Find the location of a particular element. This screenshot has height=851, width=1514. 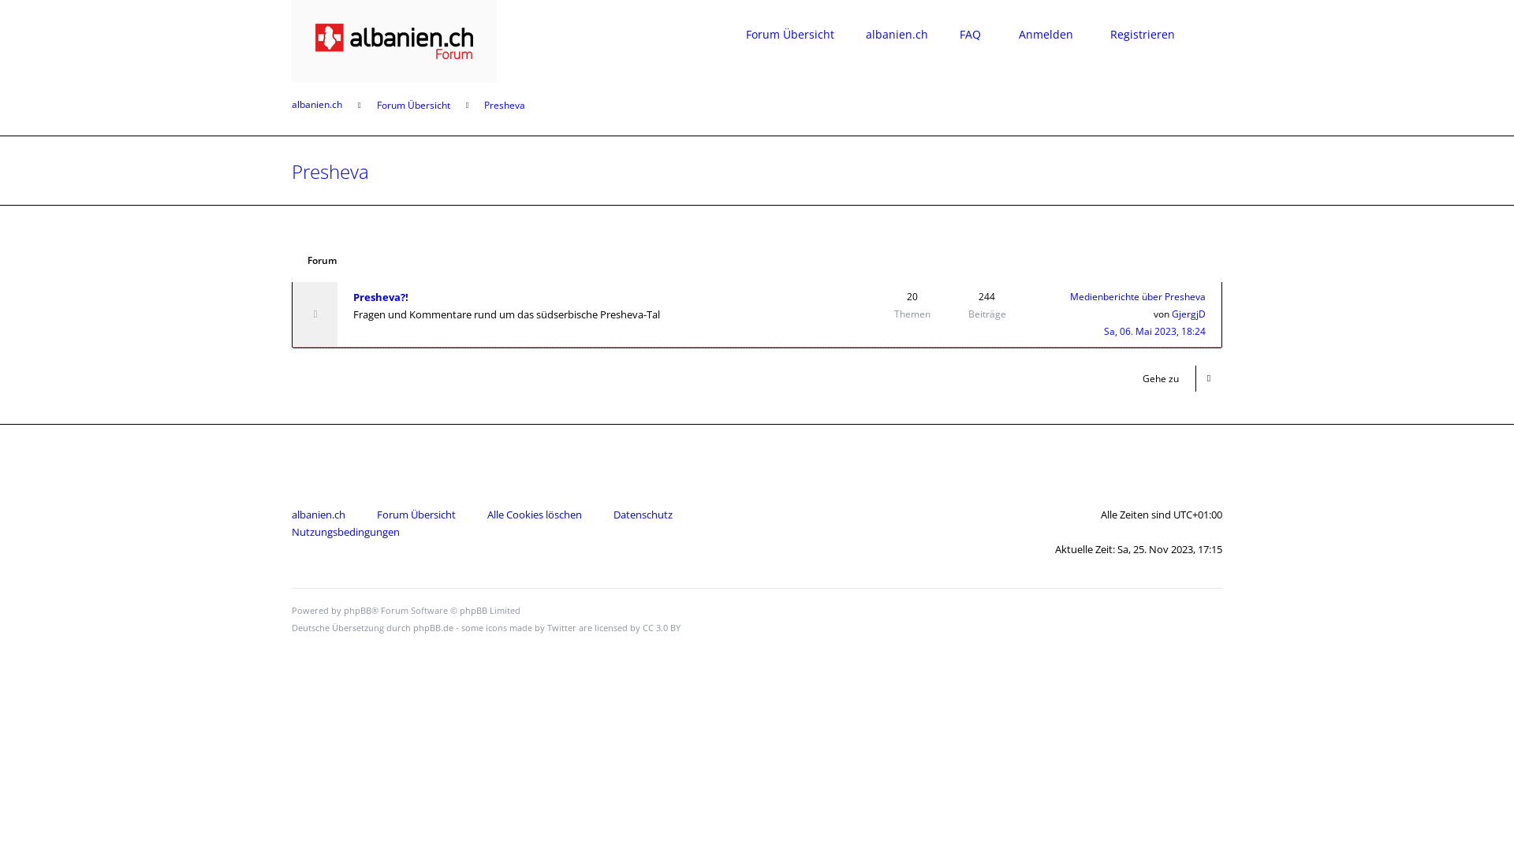

'CC 3.0 BY' is located at coordinates (662, 626).